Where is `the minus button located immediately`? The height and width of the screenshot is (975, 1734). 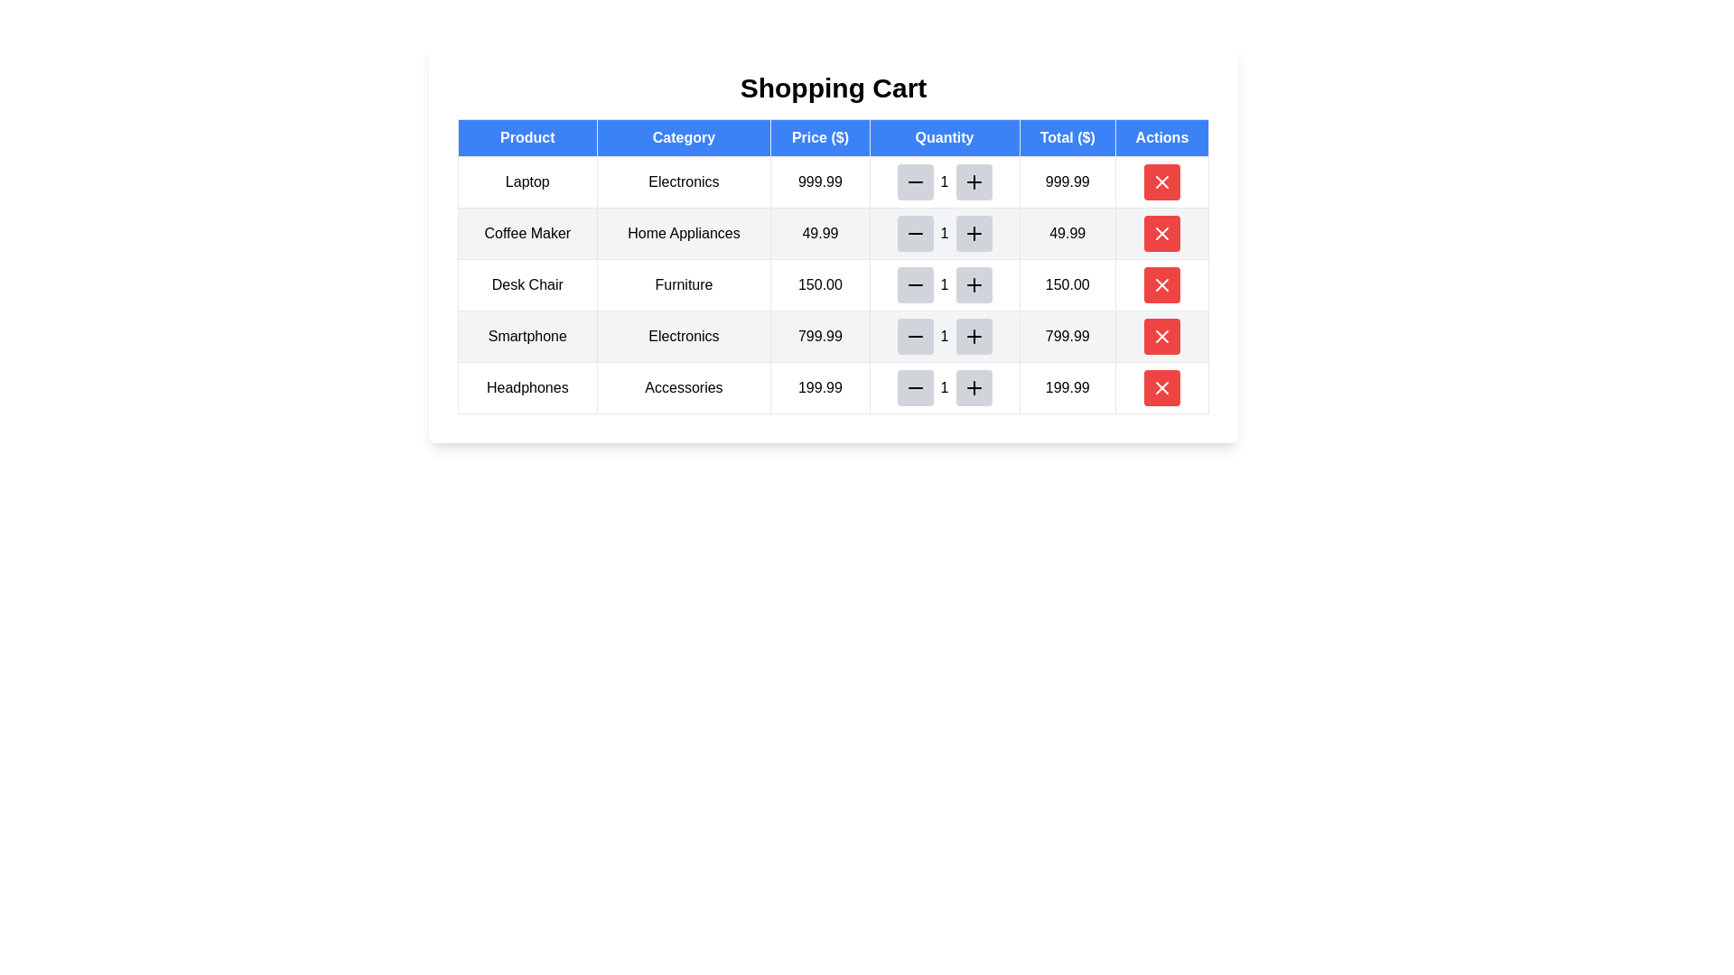 the minus button located immediately is located at coordinates (915, 181).